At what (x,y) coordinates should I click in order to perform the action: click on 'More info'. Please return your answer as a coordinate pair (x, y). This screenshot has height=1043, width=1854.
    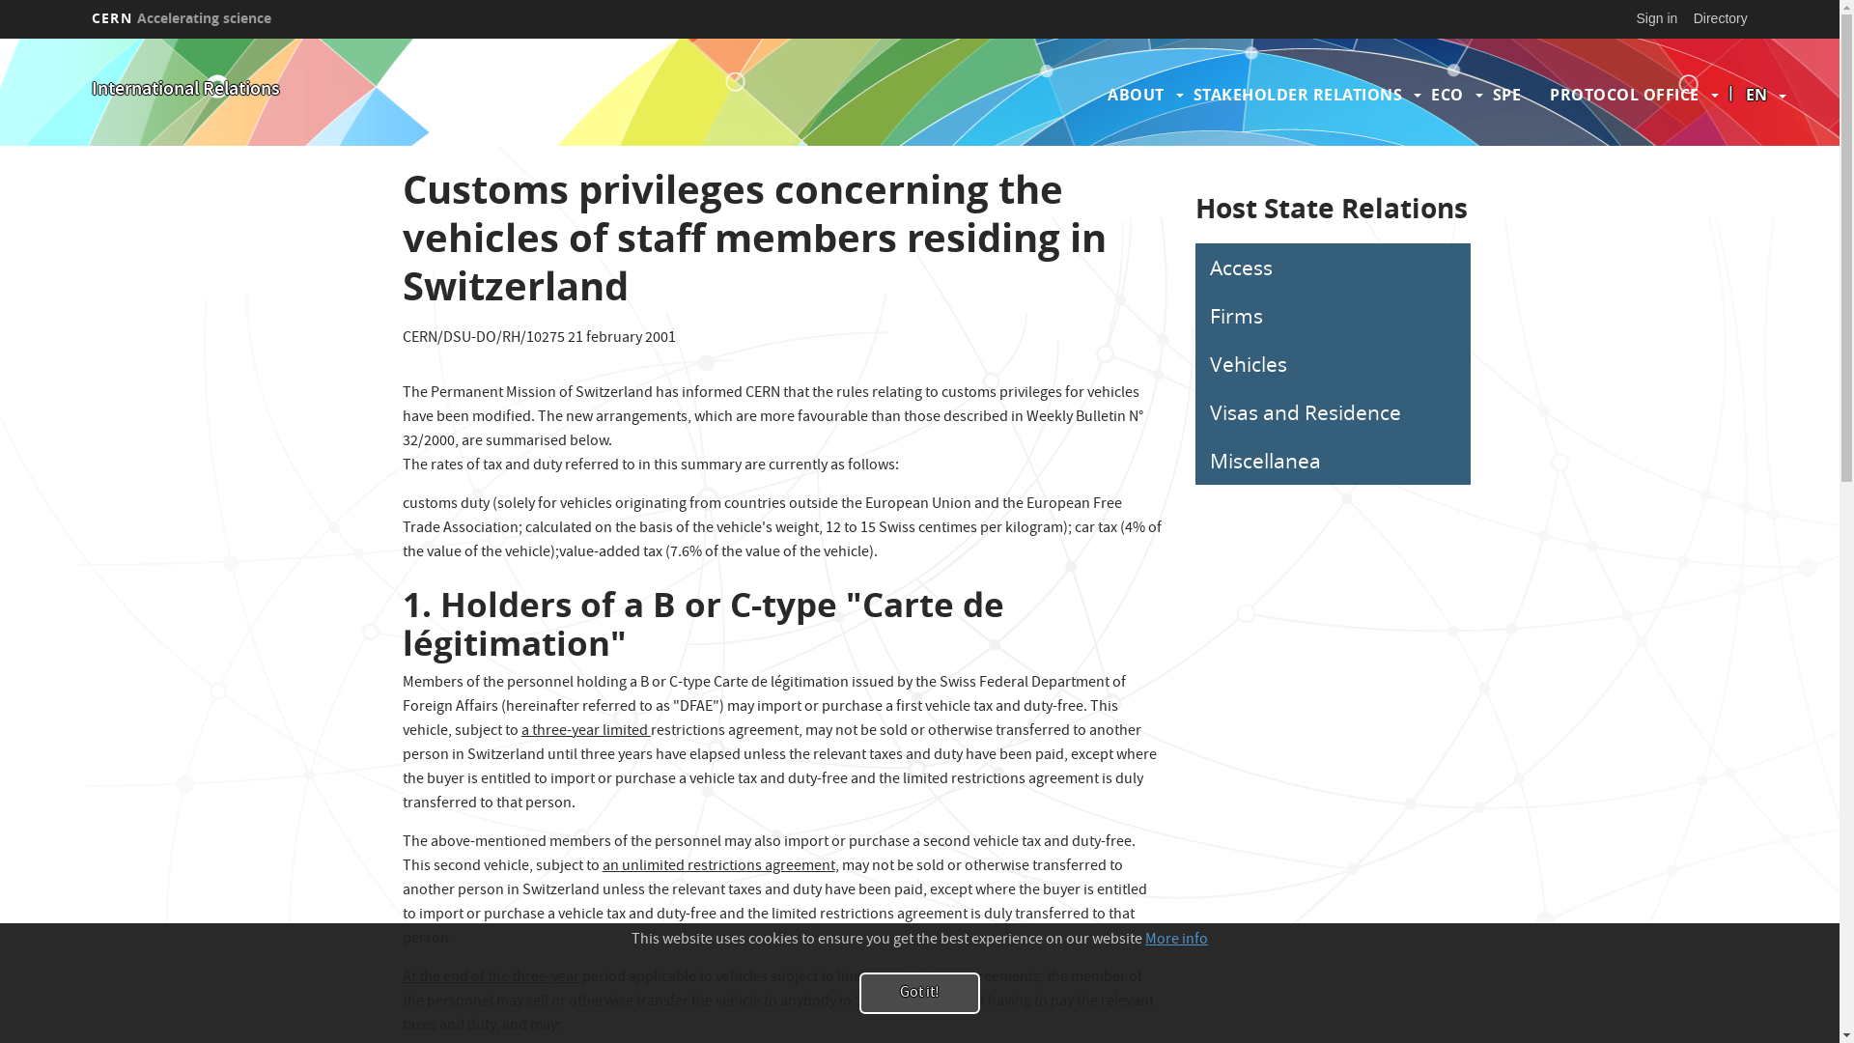
    Looking at the image, I should click on (1144, 940).